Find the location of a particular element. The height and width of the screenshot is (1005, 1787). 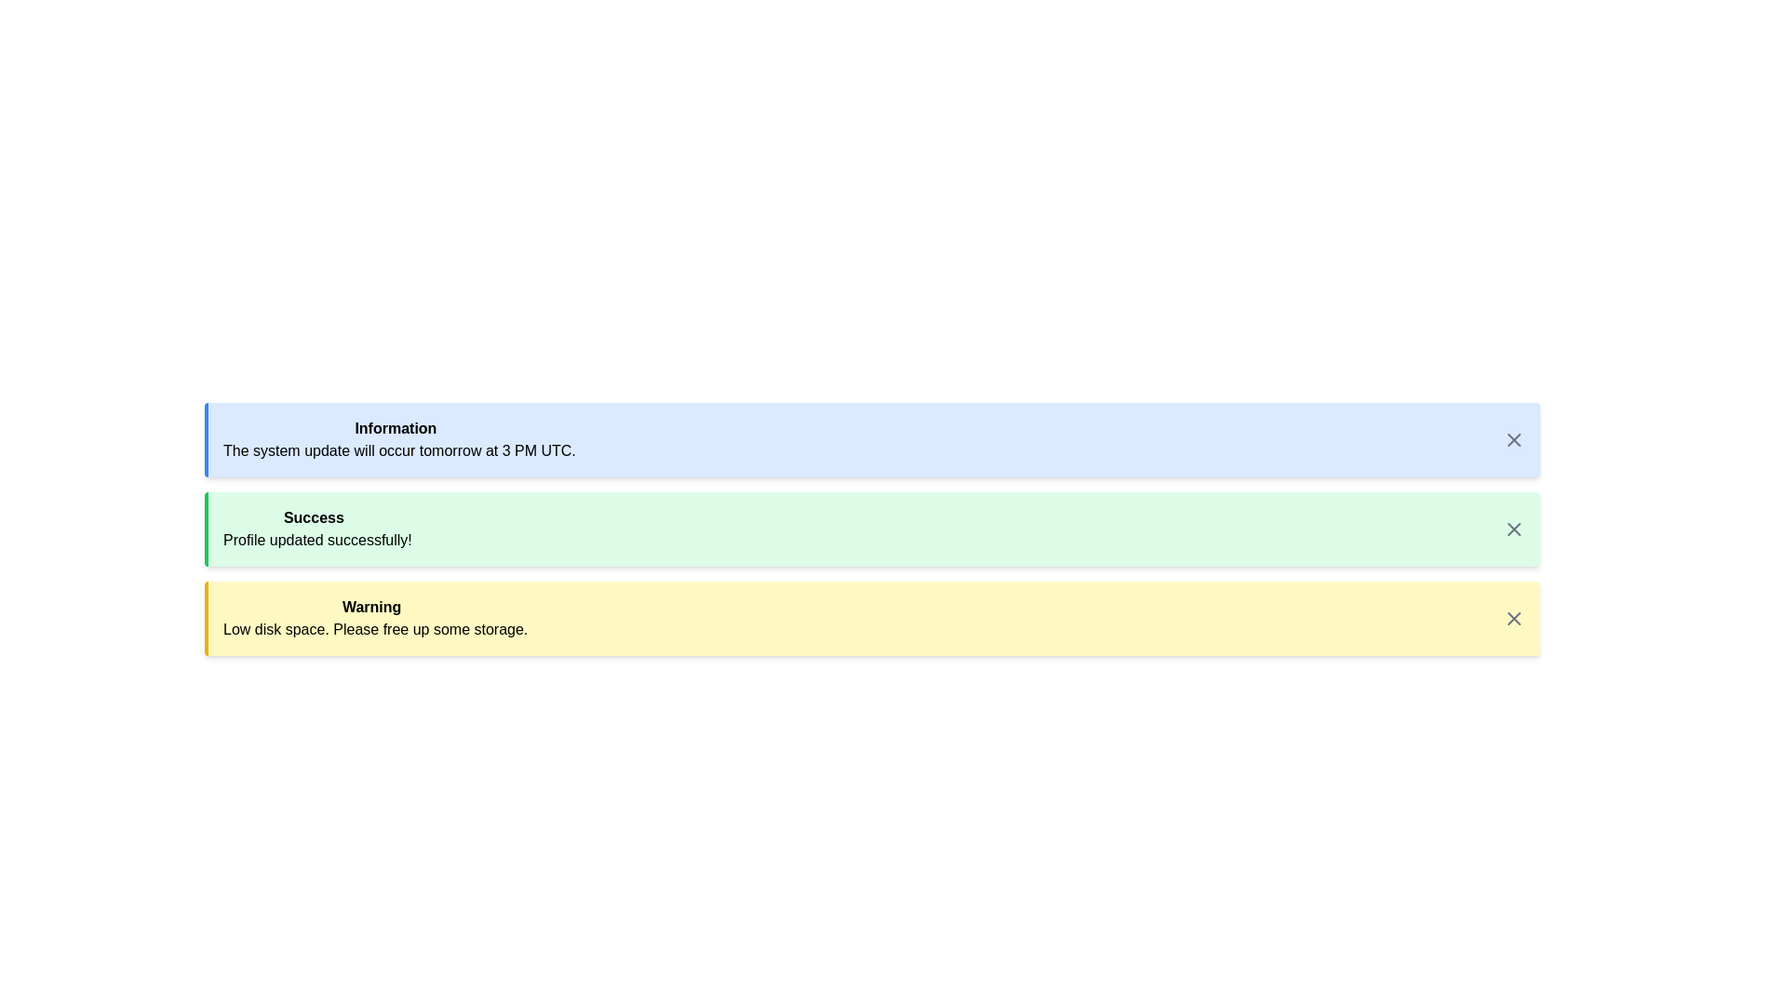

the small gray button marked with an 'X' at the top-right corner of the blue notification box is located at coordinates (1514, 440).